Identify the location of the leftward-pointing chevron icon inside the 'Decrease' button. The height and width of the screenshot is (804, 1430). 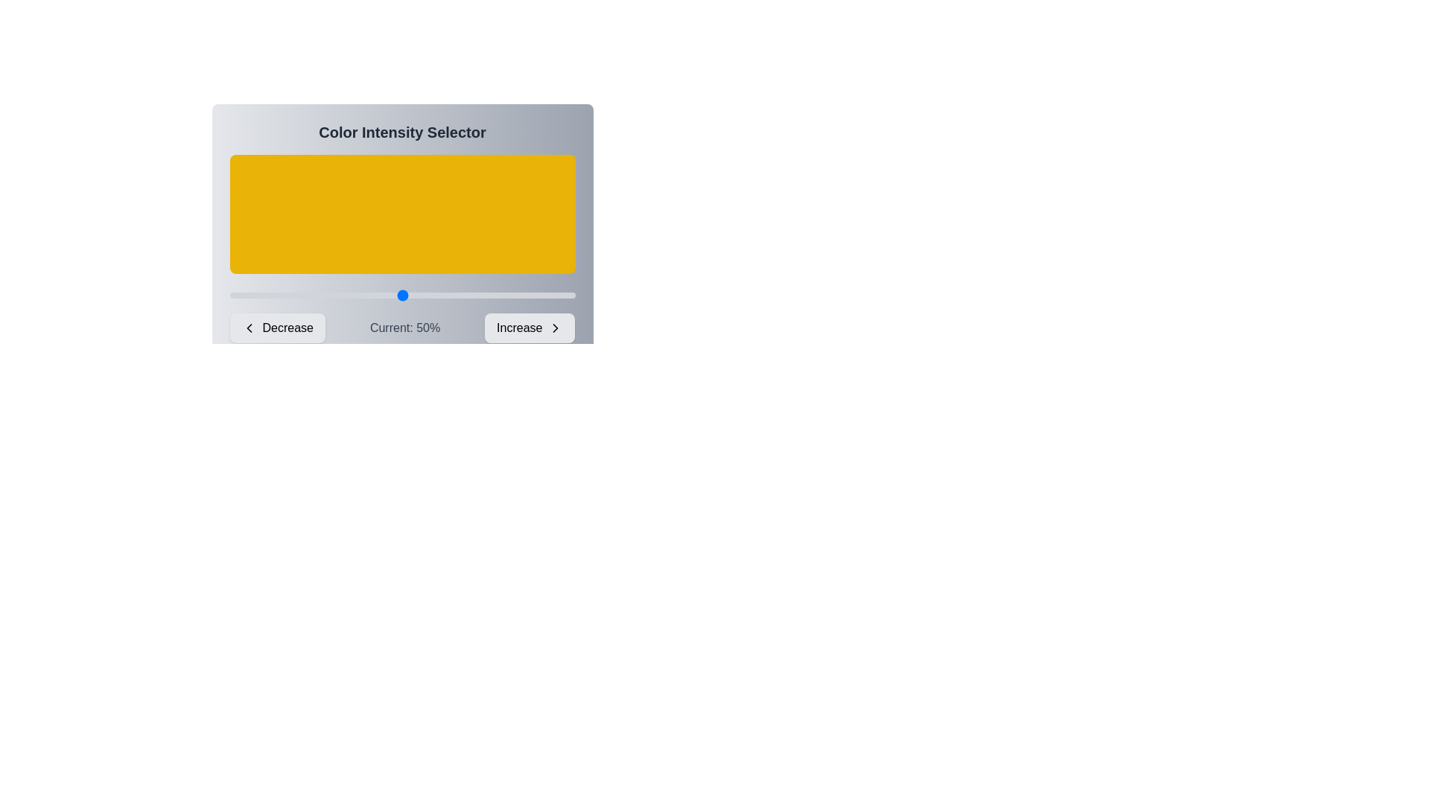
(249, 327).